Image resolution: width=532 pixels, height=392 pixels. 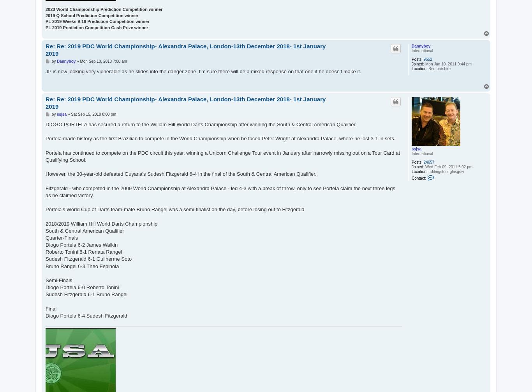 What do you see at coordinates (438, 68) in the screenshot?
I see `'Bedfordshire'` at bounding box center [438, 68].